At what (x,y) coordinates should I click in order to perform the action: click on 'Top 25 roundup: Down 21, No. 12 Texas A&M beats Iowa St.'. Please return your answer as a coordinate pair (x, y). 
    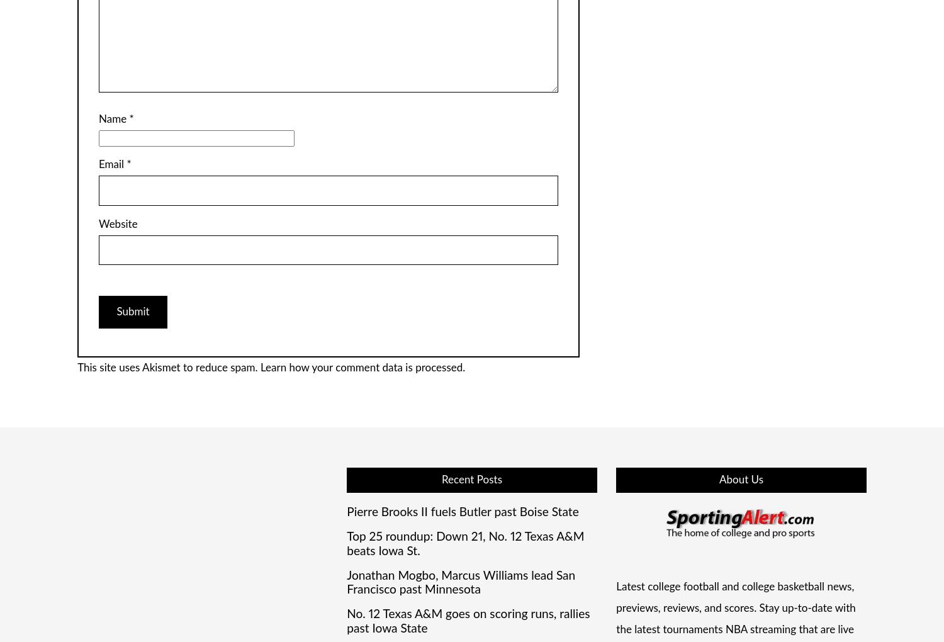
    Looking at the image, I should click on (464, 543).